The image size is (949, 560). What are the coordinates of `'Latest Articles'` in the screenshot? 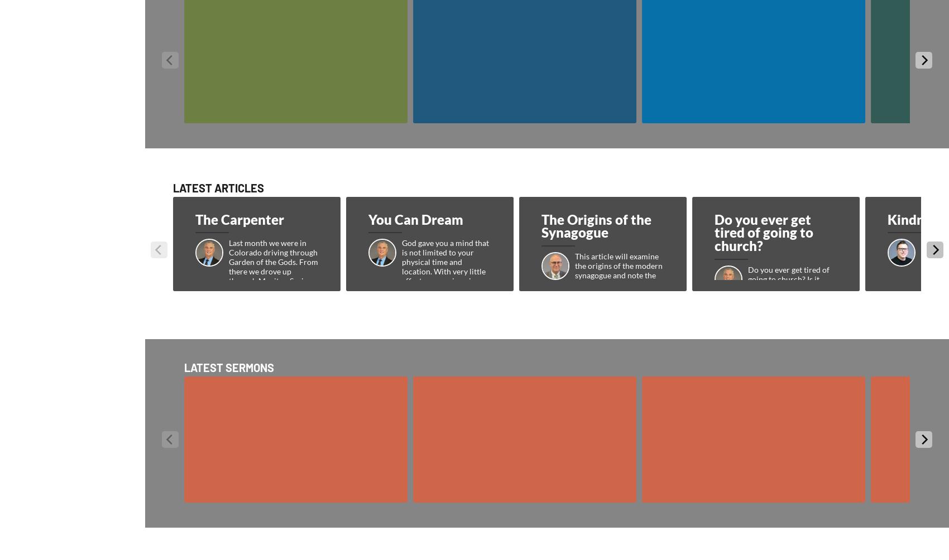 It's located at (173, 187).